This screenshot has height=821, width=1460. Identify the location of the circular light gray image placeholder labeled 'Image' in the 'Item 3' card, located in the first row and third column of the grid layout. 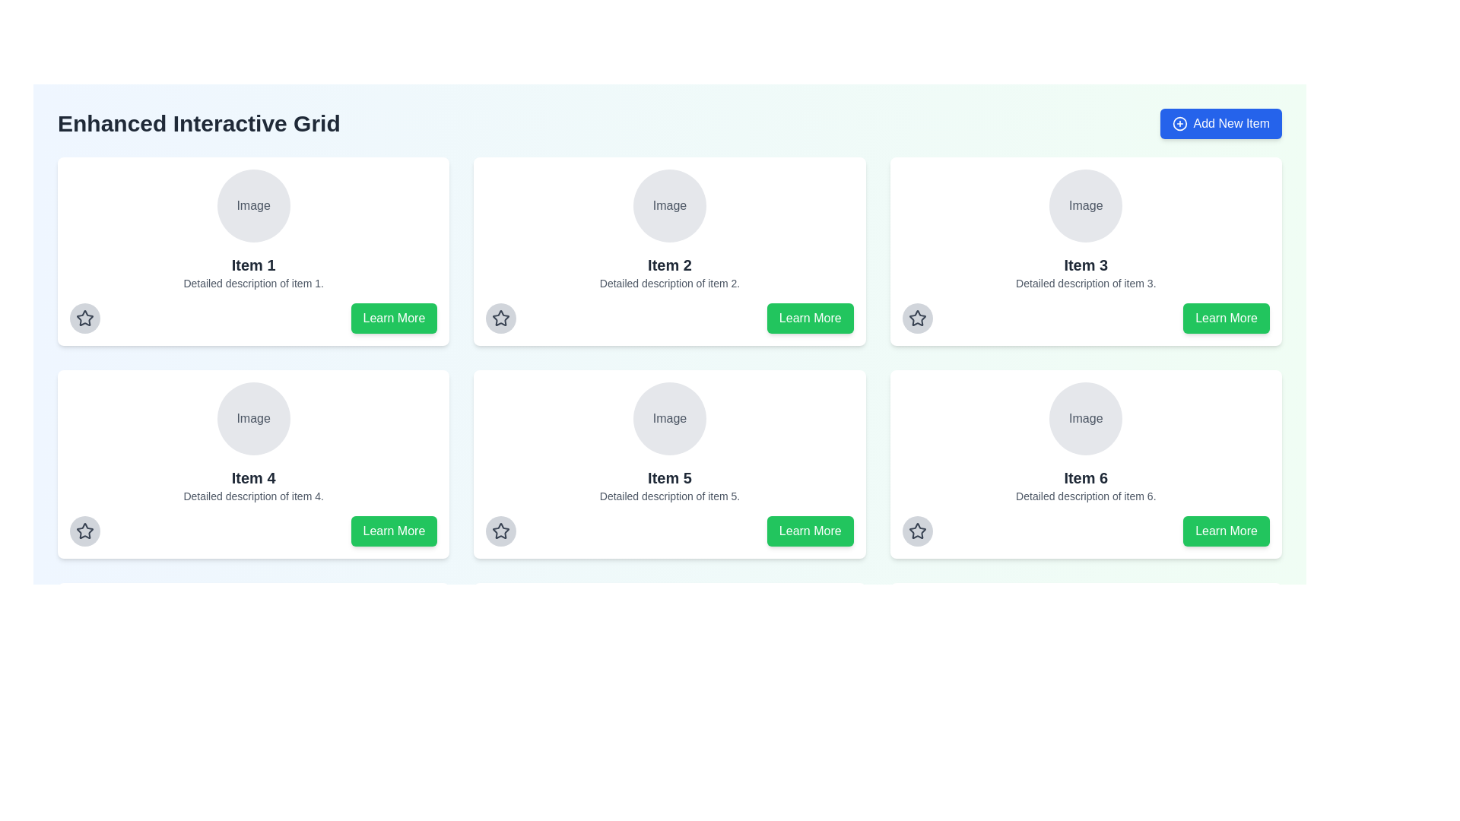
(1085, 205).